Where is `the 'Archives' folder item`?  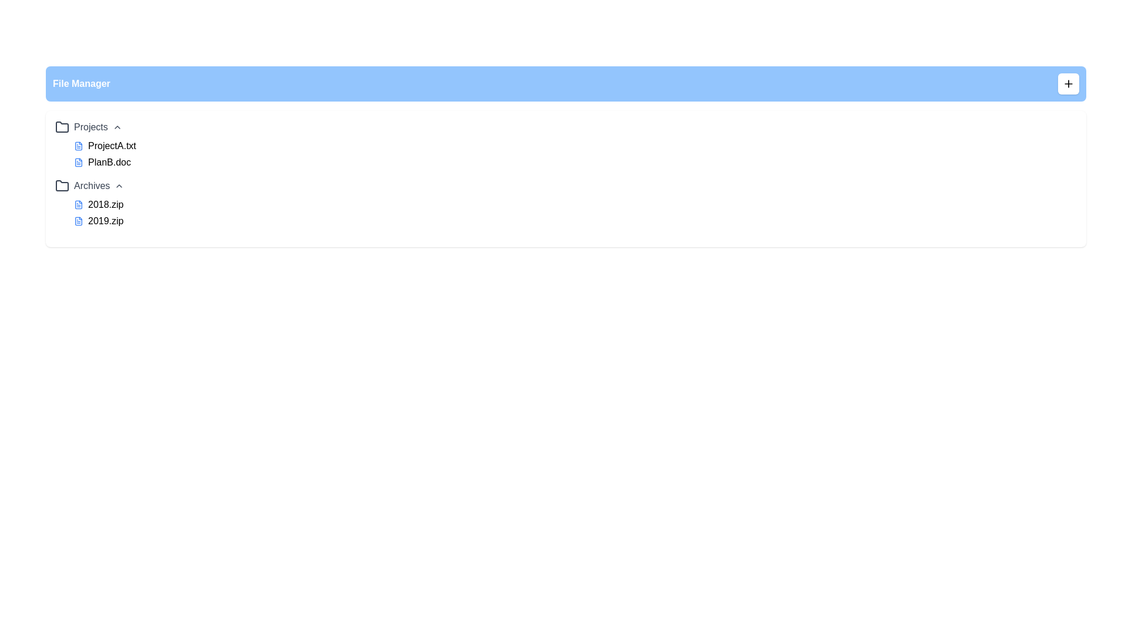
the 'Archives' folder item is located at coordinates (89, 185).